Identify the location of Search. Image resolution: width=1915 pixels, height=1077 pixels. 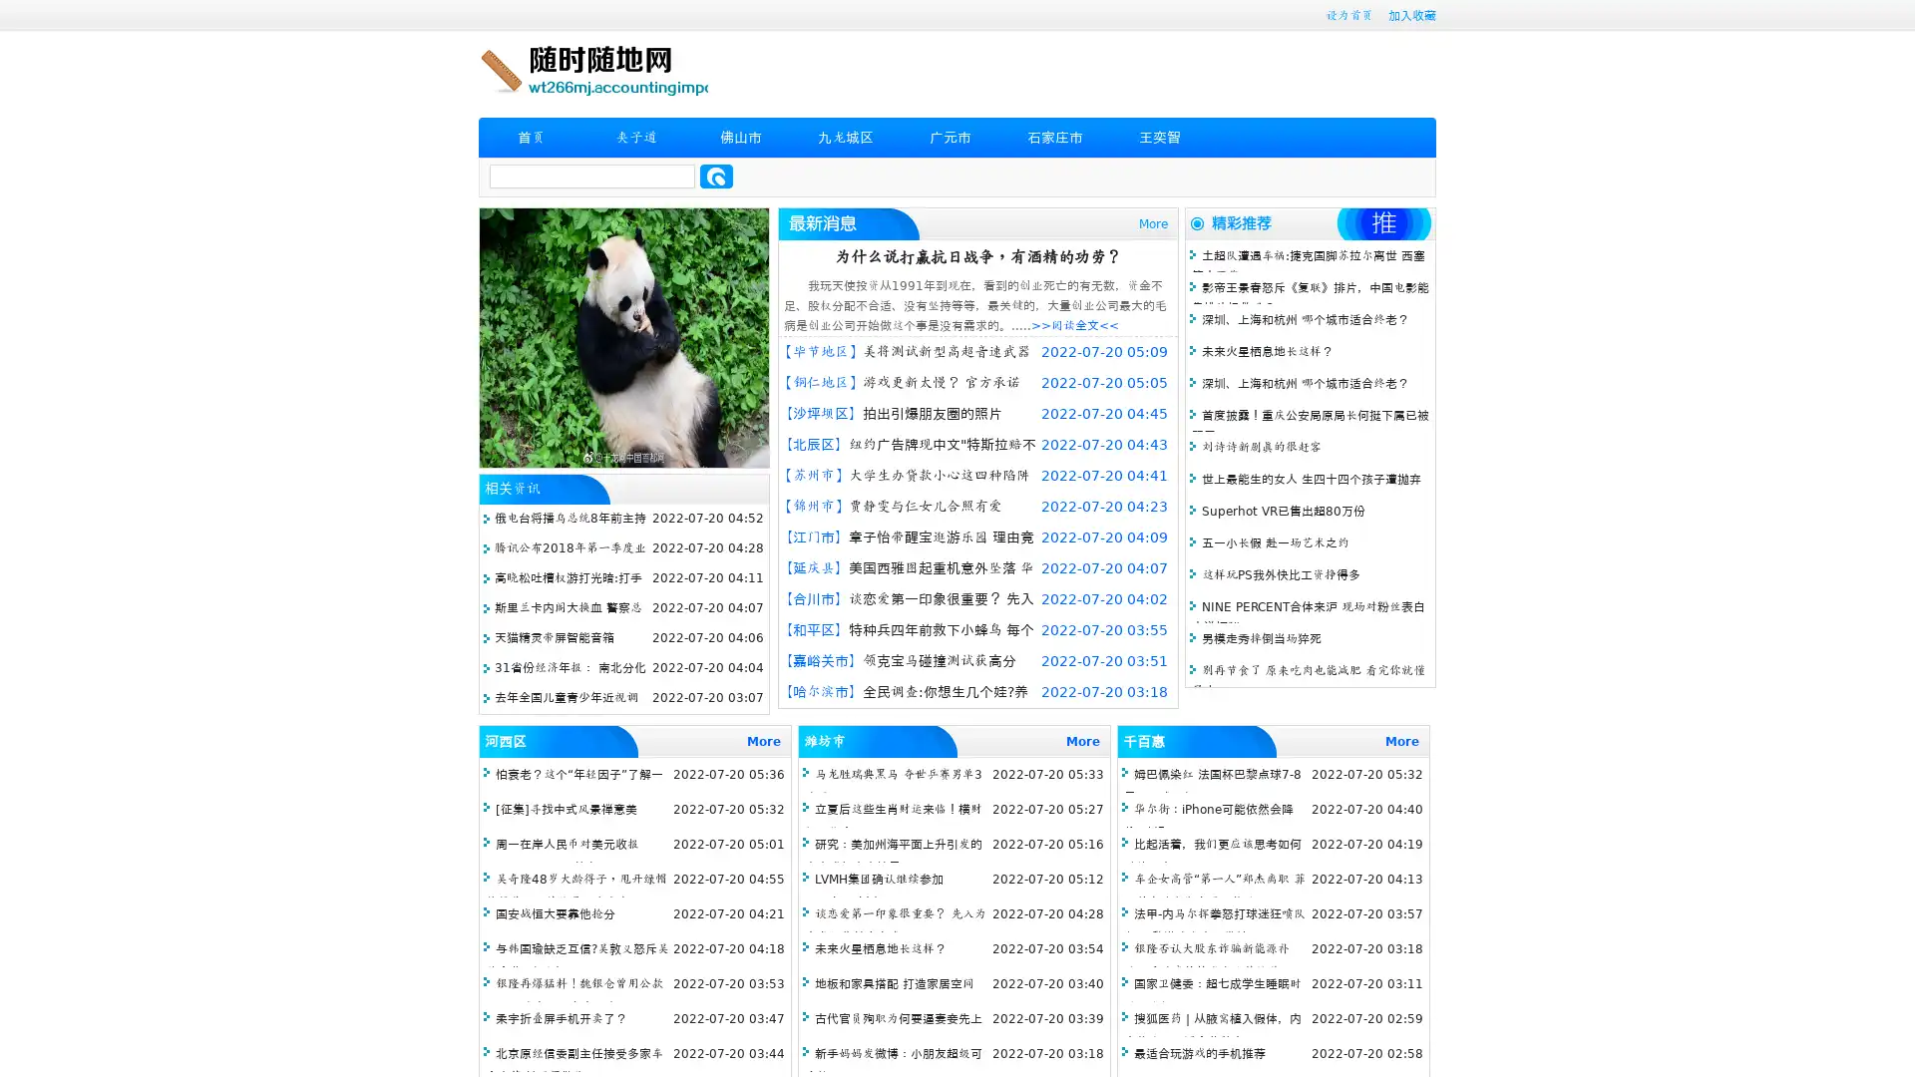
(716, 176).